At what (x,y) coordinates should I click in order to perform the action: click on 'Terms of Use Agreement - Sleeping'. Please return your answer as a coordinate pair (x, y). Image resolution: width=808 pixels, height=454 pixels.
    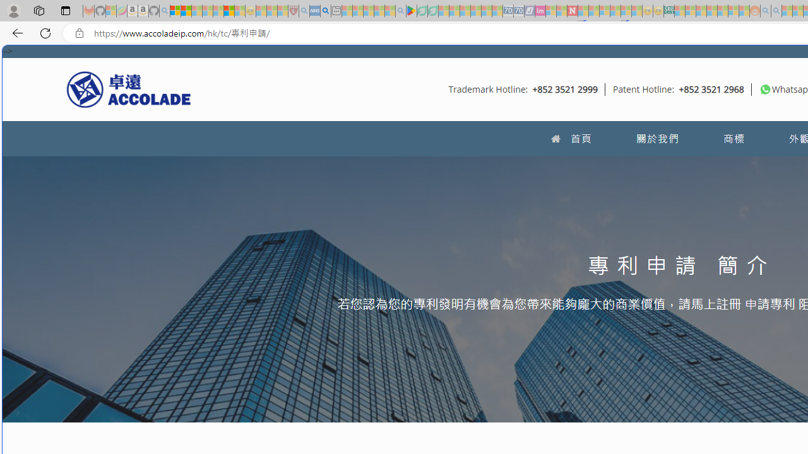
    Looking at the image, I should click on (422, 11).